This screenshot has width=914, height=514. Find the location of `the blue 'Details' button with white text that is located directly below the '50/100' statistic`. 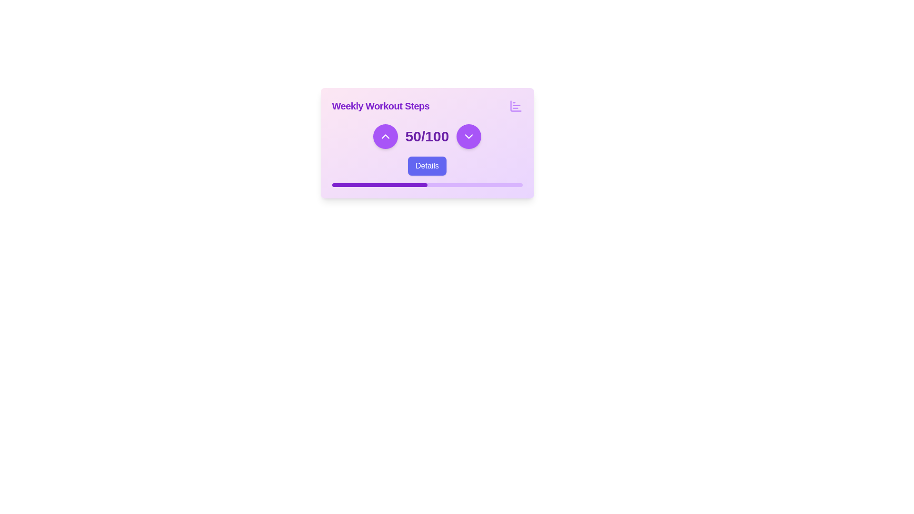

the blue 'Details' button with white text that is located directly below the '50/100' statistic is located at coordinates (427, 165).